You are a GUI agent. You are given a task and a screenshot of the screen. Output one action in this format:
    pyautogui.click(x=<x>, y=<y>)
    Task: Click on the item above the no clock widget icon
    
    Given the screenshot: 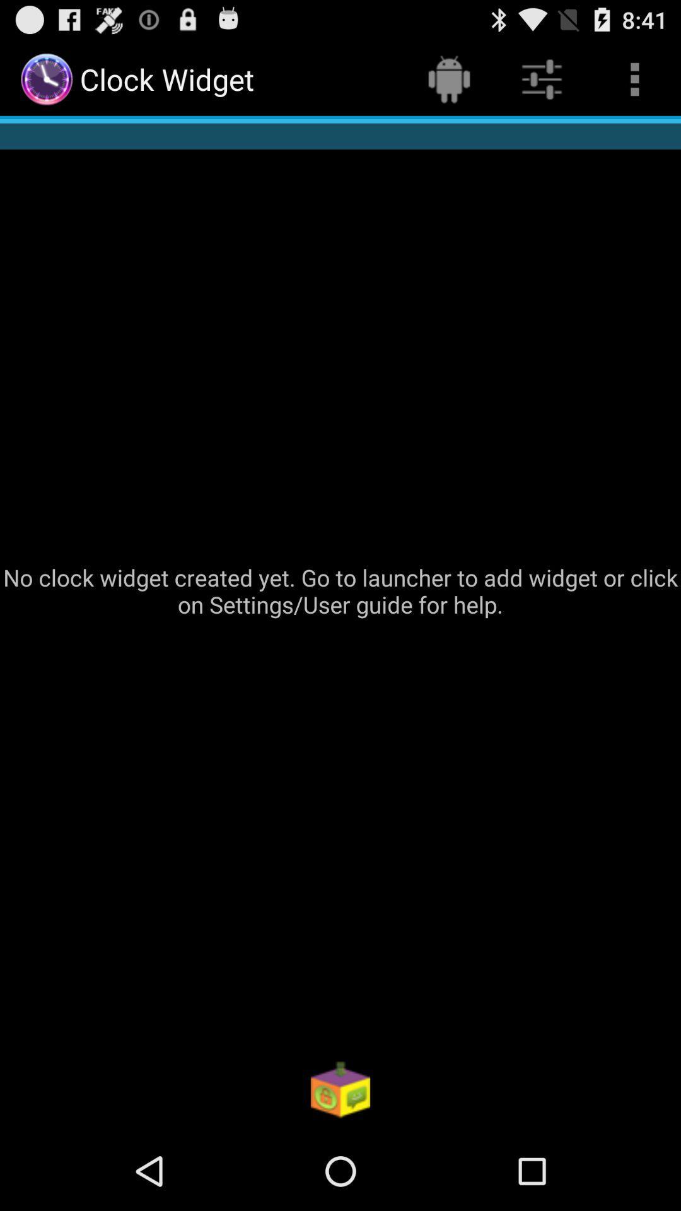 What is the action you would take?
    pyautogui.click(x=448, y=78)
    